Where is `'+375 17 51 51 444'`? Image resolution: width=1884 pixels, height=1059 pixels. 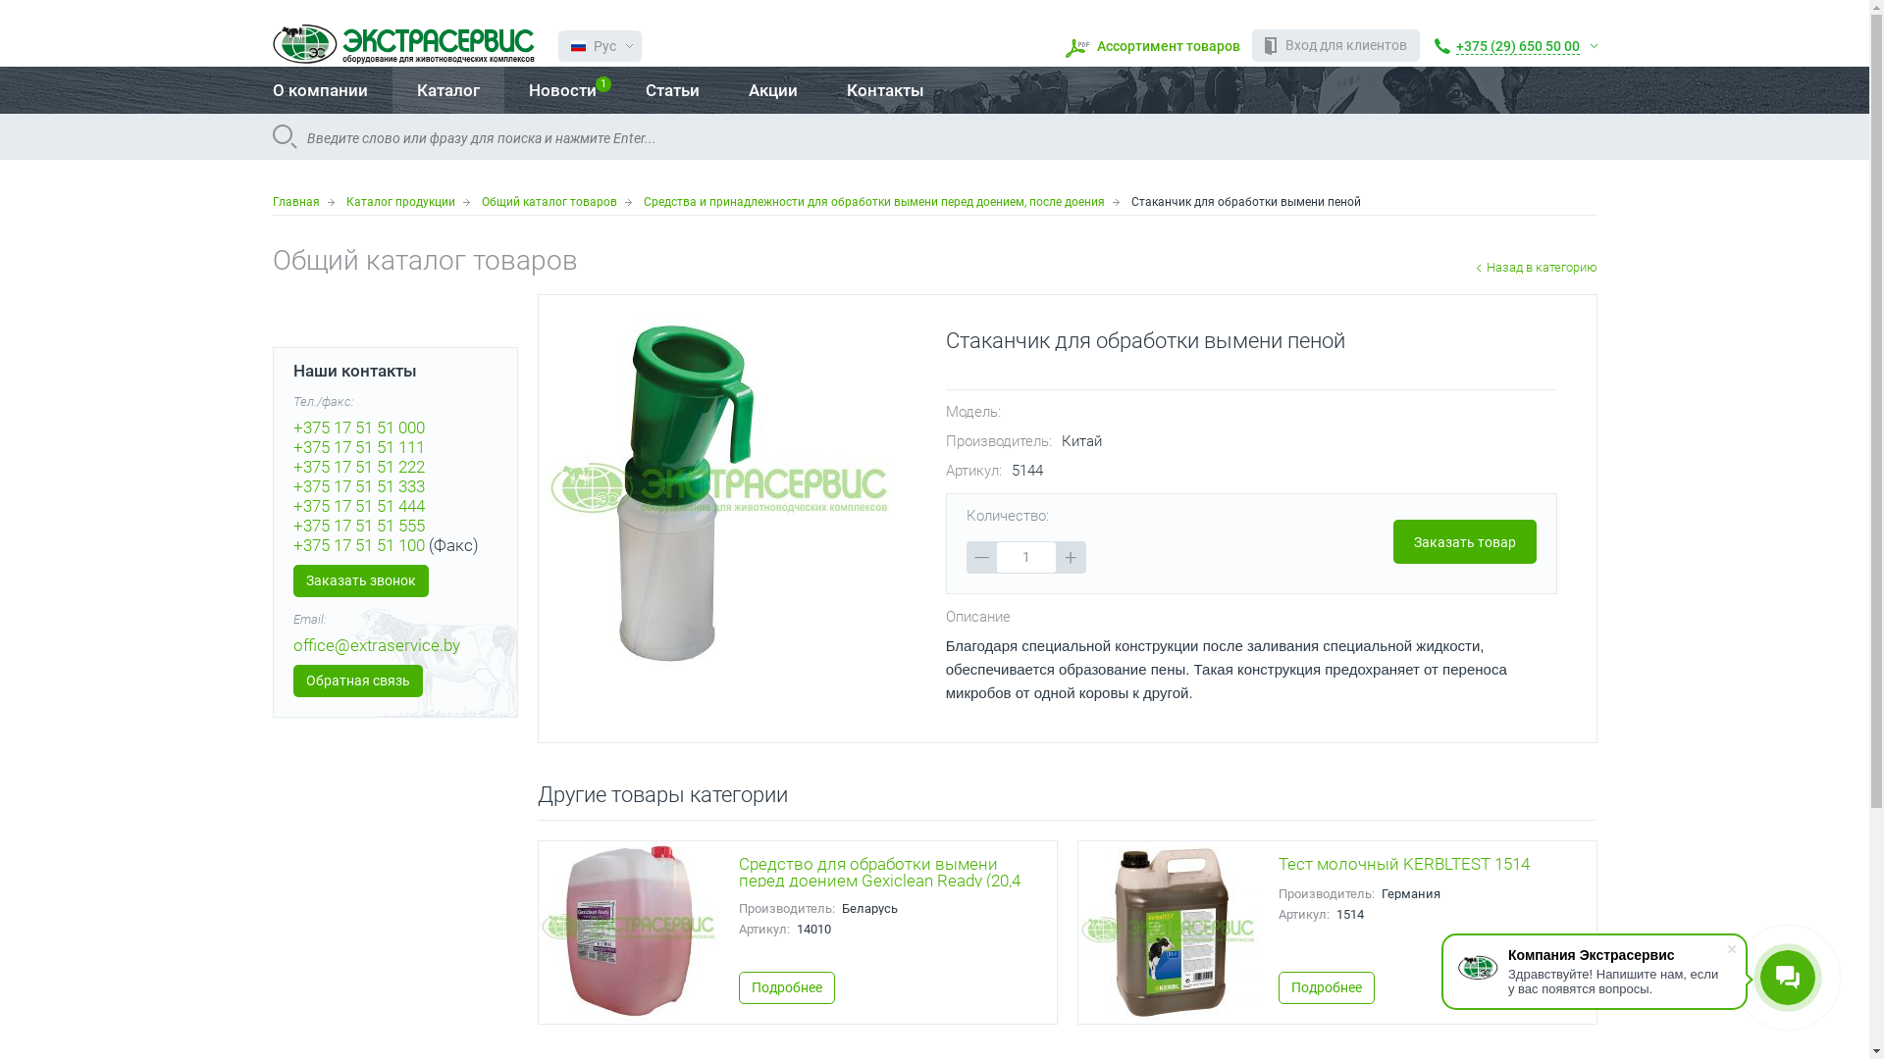 '+375 17 51 51 444' is located at coordinates (357, 505).